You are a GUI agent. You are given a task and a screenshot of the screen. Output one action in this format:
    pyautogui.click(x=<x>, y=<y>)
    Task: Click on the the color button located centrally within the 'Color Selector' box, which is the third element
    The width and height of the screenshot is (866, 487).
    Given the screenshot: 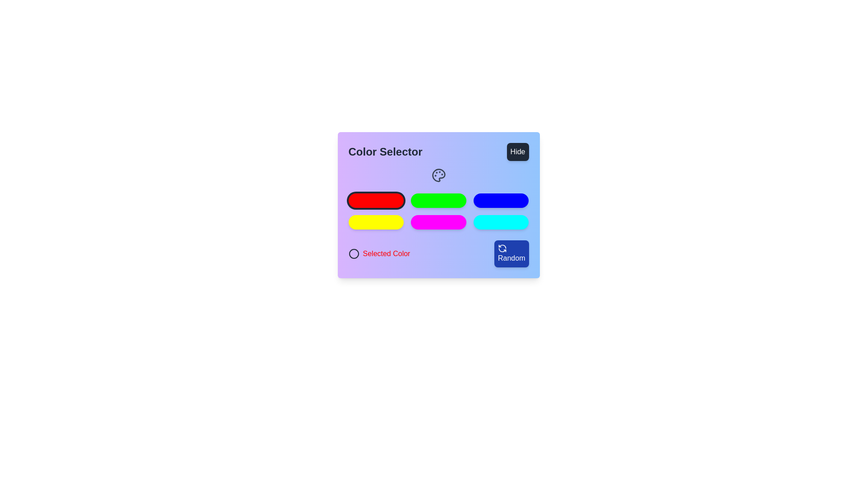 What is the action you would take?
    pyautogui.click(x=438, y=217)
    